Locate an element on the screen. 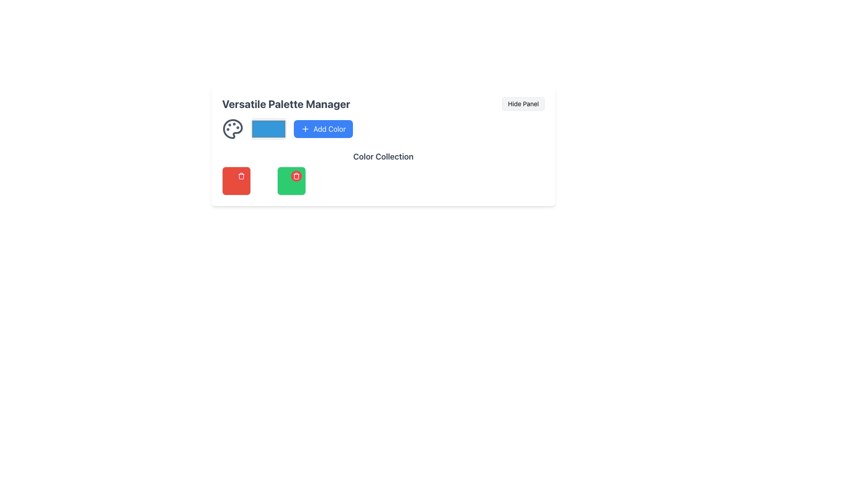  the gray painter's palette icon with circular holes in the 'Versatile Palette Manager' section is located at coordinates (232, 129).